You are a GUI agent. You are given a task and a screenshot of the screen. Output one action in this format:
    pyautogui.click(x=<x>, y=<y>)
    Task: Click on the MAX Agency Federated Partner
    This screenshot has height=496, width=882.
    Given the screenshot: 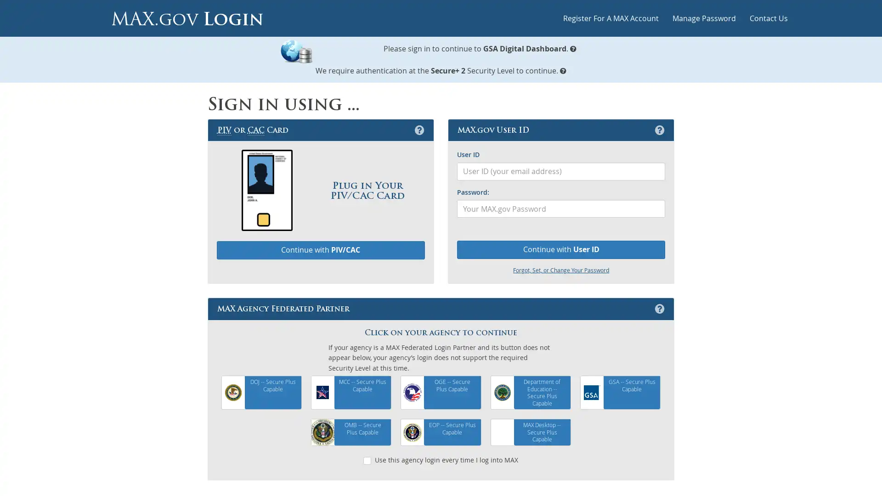 What is the action you would take?
    pyautogui.click(x=659, y=308)
    